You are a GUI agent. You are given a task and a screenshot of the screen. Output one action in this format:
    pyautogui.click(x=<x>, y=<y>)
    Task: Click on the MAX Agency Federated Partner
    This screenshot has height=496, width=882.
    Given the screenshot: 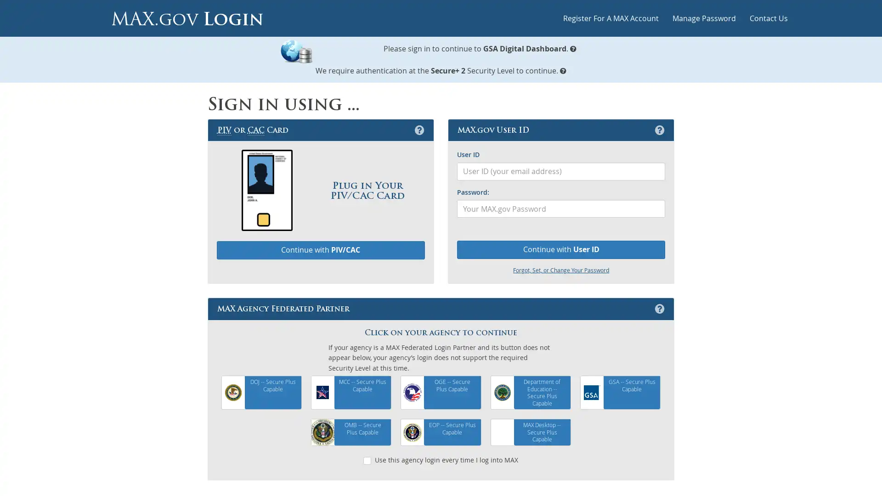 What is the action you would take?
    pyautogui.click(x=659, y=308)
    